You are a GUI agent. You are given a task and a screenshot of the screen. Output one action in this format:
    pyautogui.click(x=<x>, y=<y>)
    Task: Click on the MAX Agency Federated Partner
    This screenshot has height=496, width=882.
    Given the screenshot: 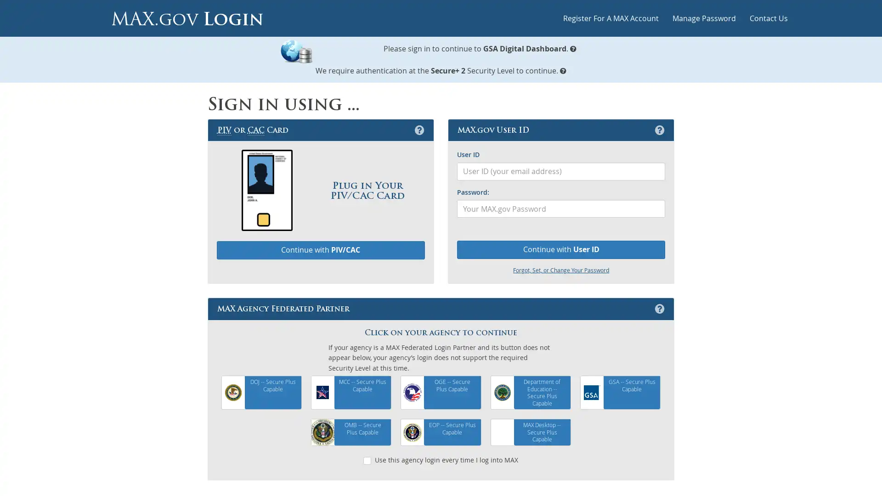 What is the action you would take?
    pyautogui.click(x=659, y=308)
    